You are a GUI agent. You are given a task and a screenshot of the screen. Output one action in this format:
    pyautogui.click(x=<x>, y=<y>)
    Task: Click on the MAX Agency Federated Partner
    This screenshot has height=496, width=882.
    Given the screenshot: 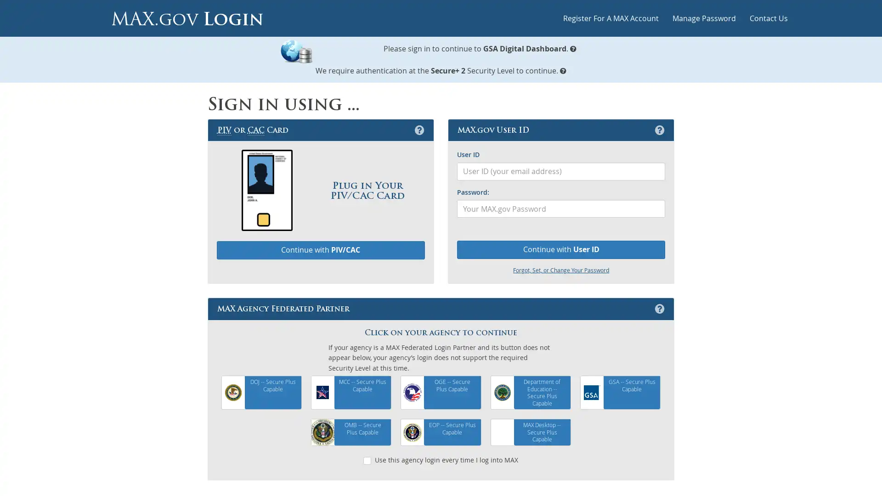 What is the action you would take?
    pyautogui.click(x=659, y=308)
    